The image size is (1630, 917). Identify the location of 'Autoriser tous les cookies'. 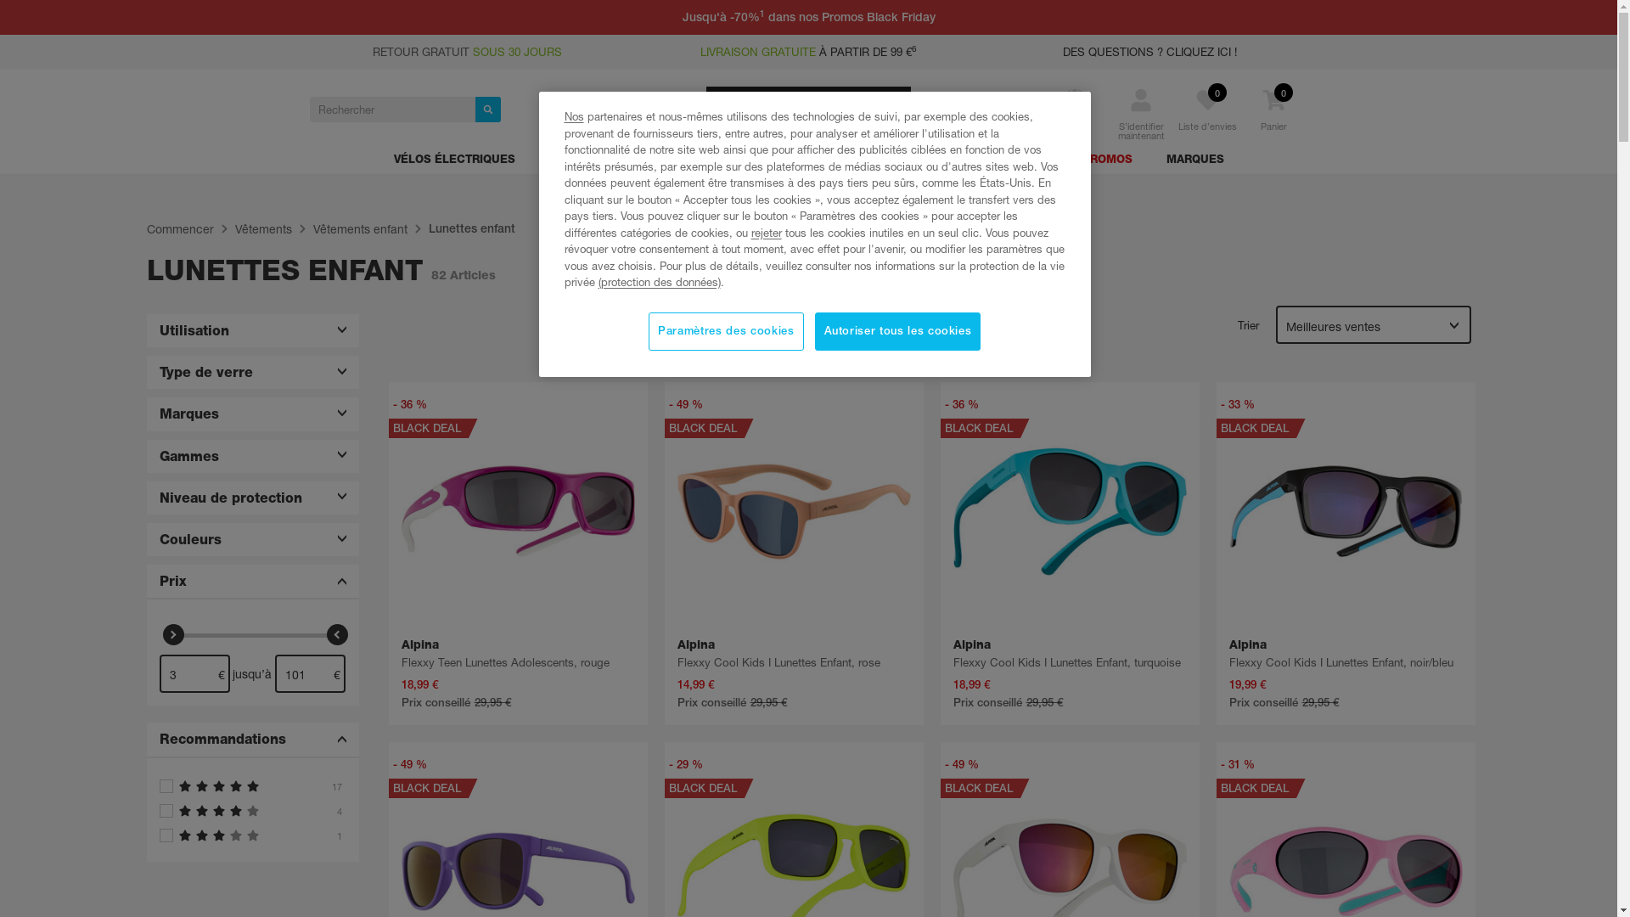
(896, 331).